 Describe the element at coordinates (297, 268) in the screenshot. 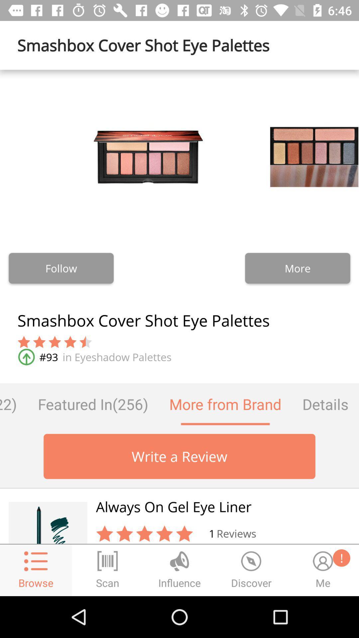

I see `the button which is next to the follow button` at that location.